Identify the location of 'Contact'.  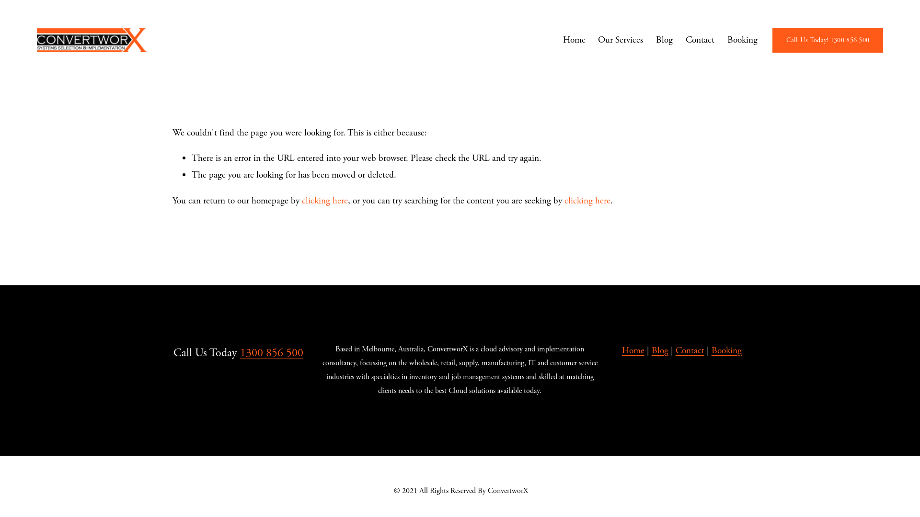
(690, 351).